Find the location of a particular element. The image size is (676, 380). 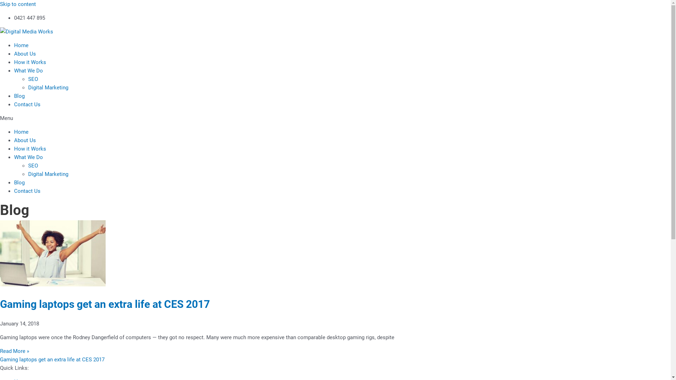

'About Us' is located at coordinates (25, 53).